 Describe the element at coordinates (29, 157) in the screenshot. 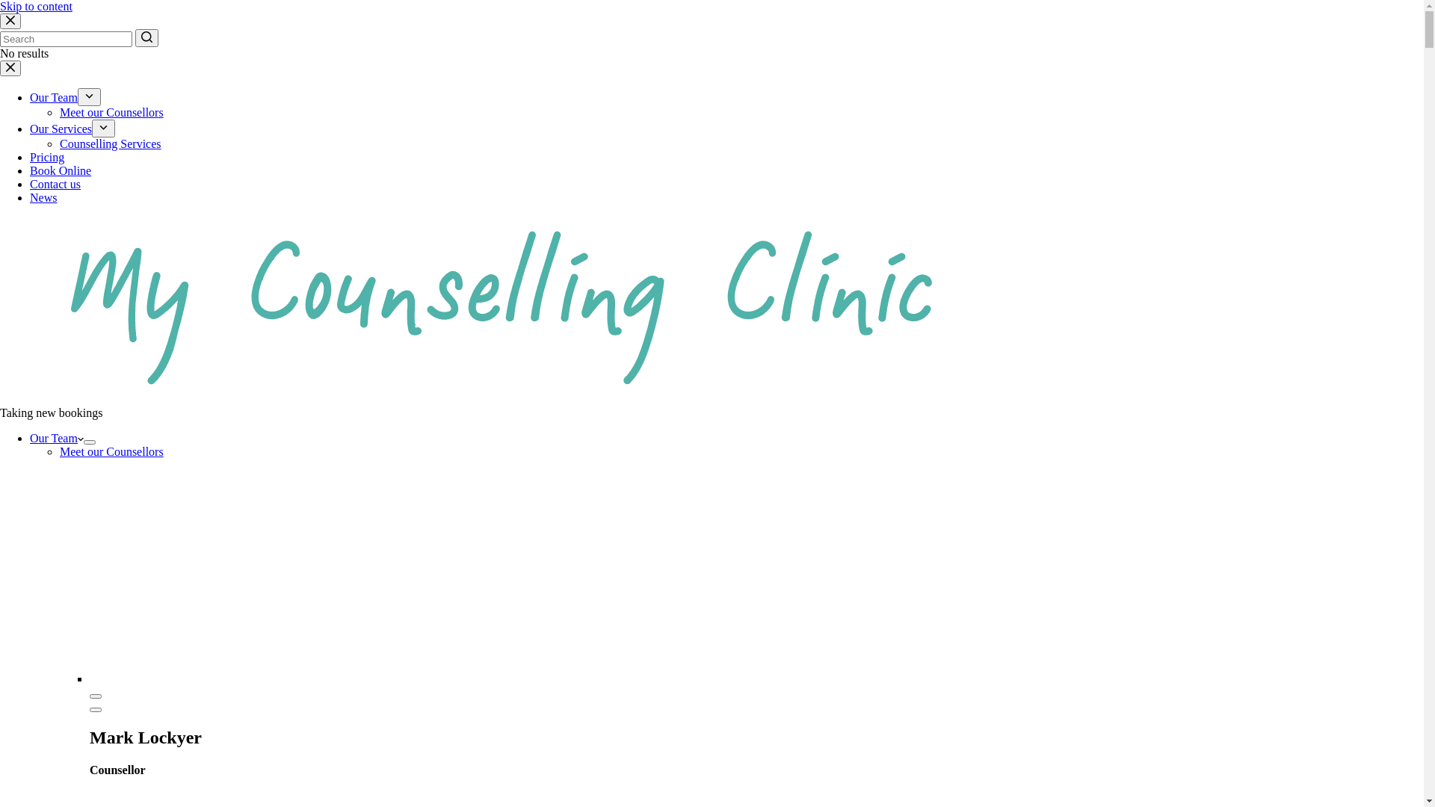

I see `'Pricing'` at that location.